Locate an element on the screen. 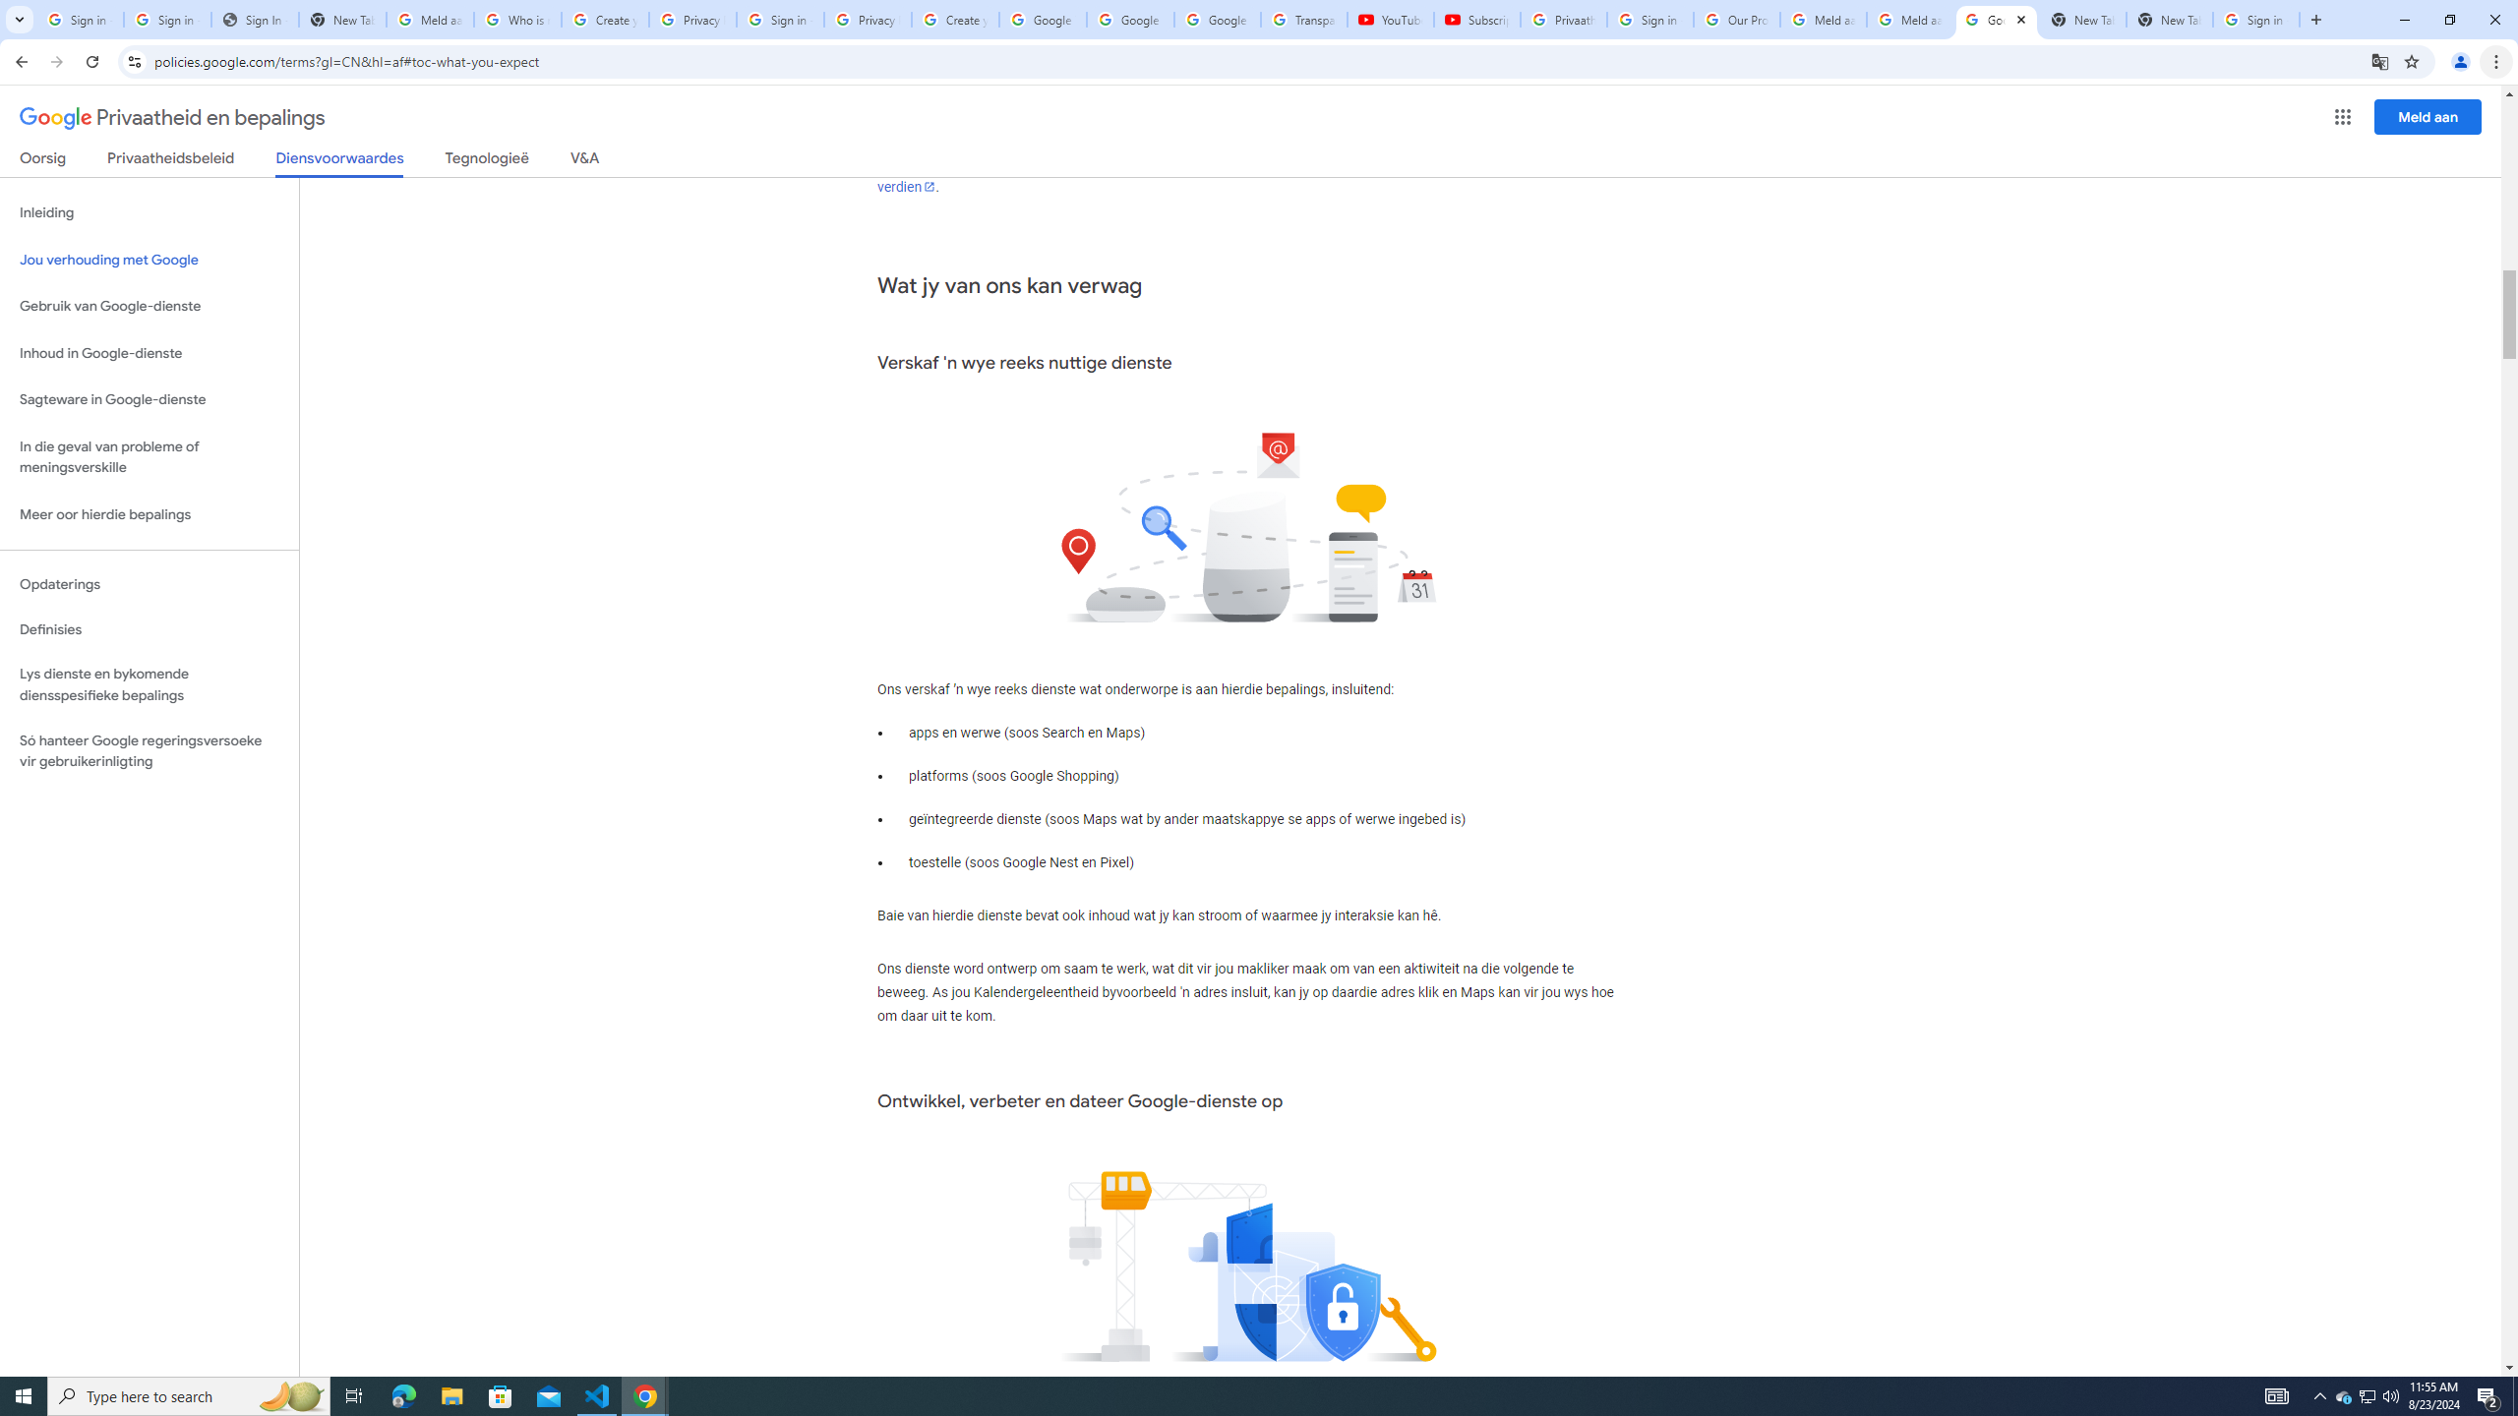 The height and width of the screenshot is (1416, 2518). 'Inhoud in Google-dienste' is located at coordinates (149, 354).